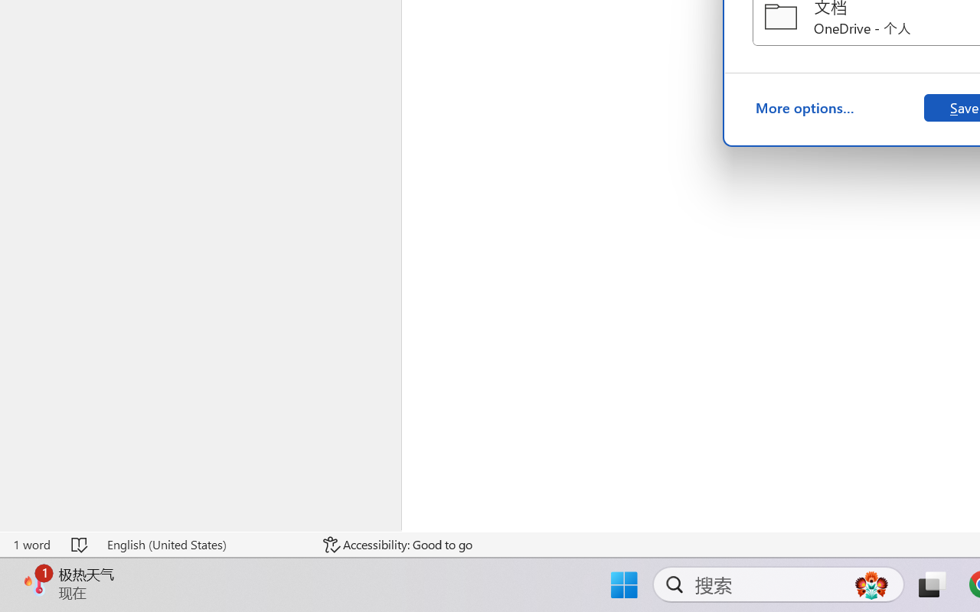  I want to click on 'AutomationID: DynamicSearchBoxGleamImage', so click(871, 584).